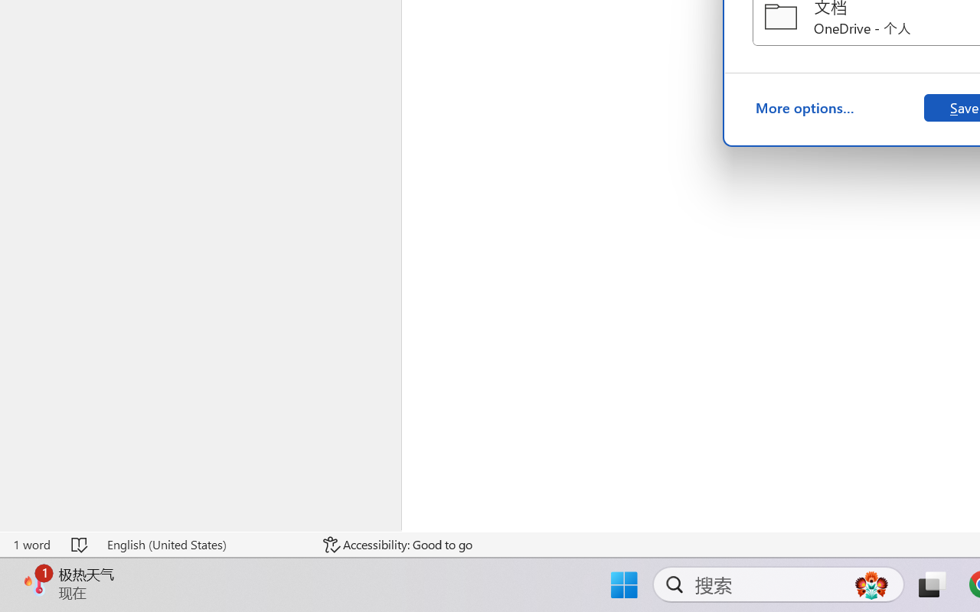  I want to click on 'AutomationID: DynamicSearchBoxGleamImage', so click(871, 584).